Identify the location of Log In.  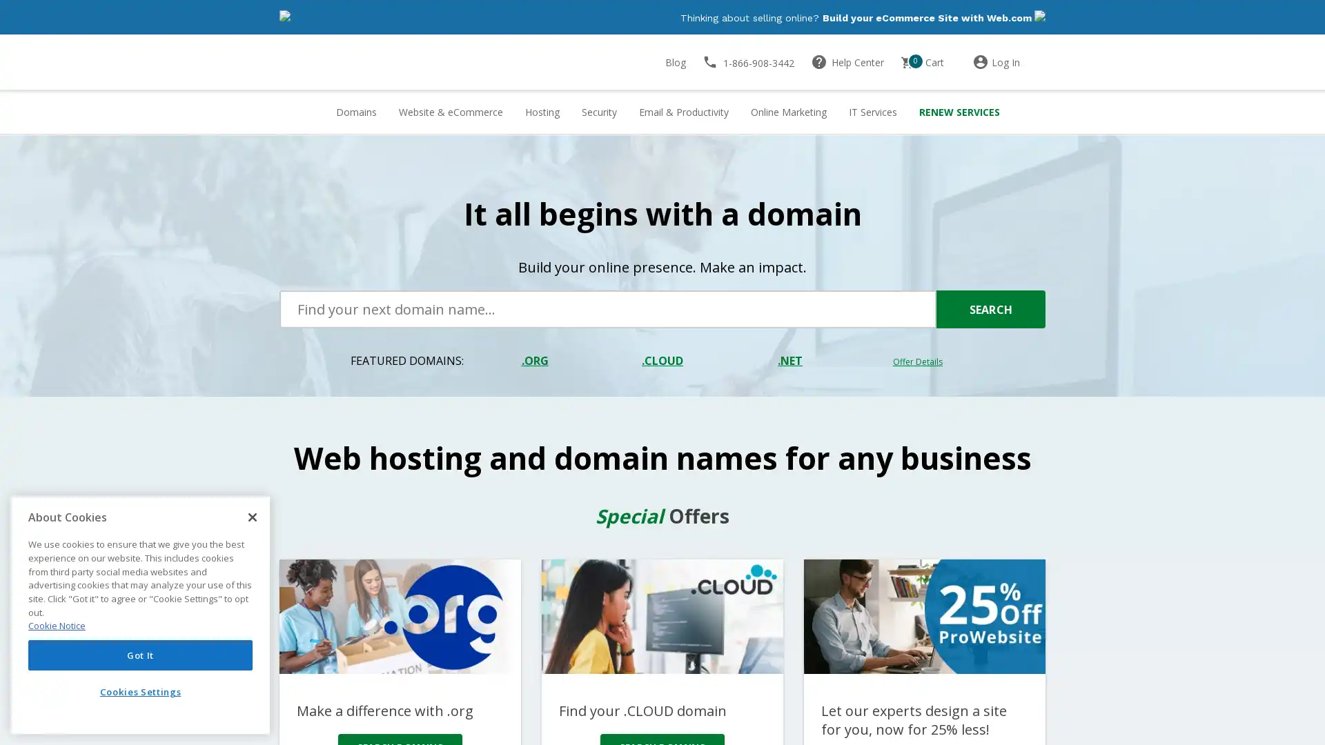
(1008, 63).